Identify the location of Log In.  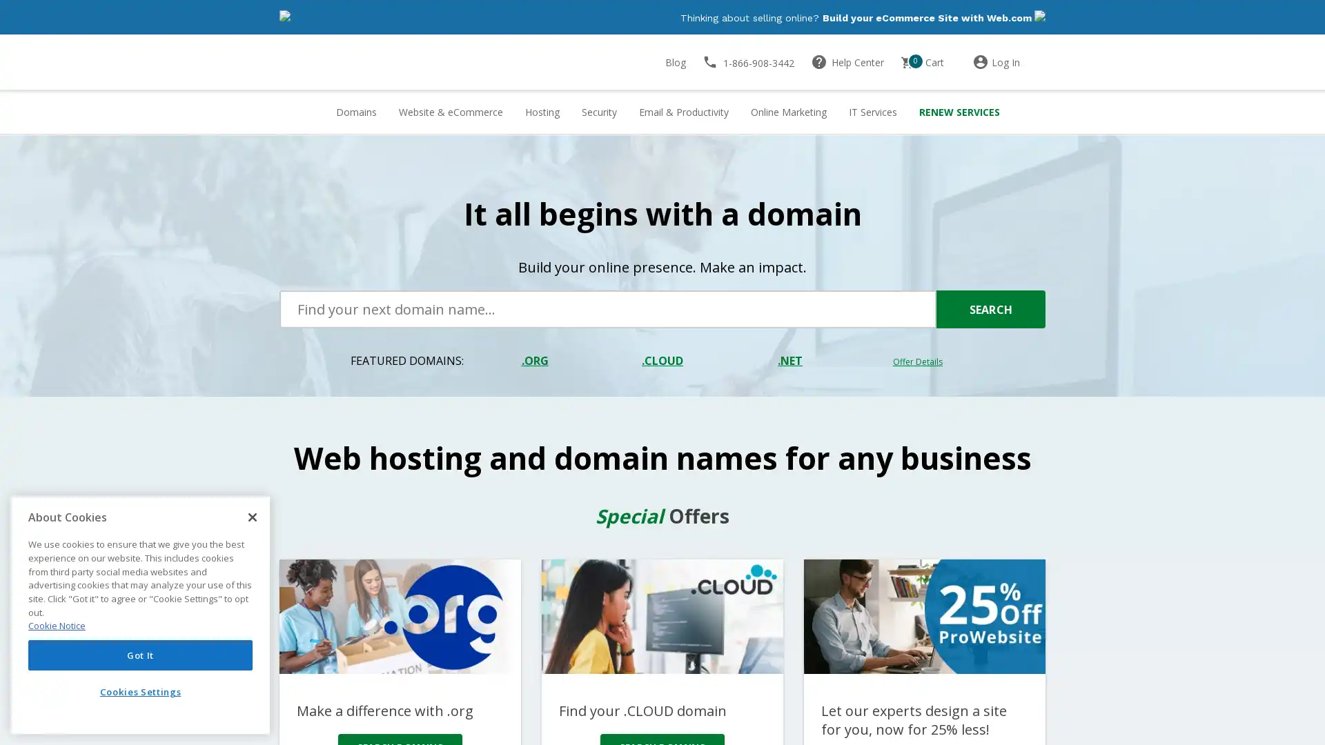
(1008, 63).